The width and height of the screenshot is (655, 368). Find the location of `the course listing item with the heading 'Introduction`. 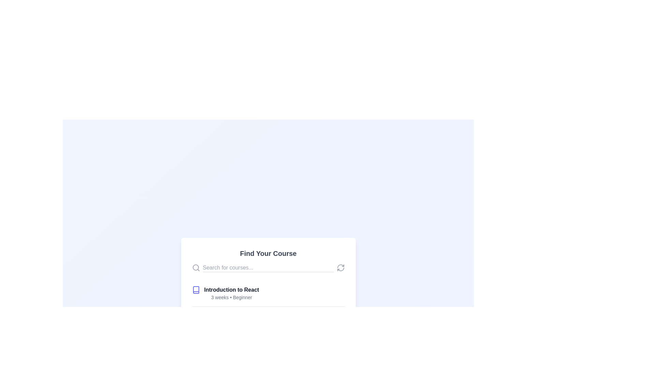

the course listing item with the heading 'Introduction is located at coordinates (268, 293).